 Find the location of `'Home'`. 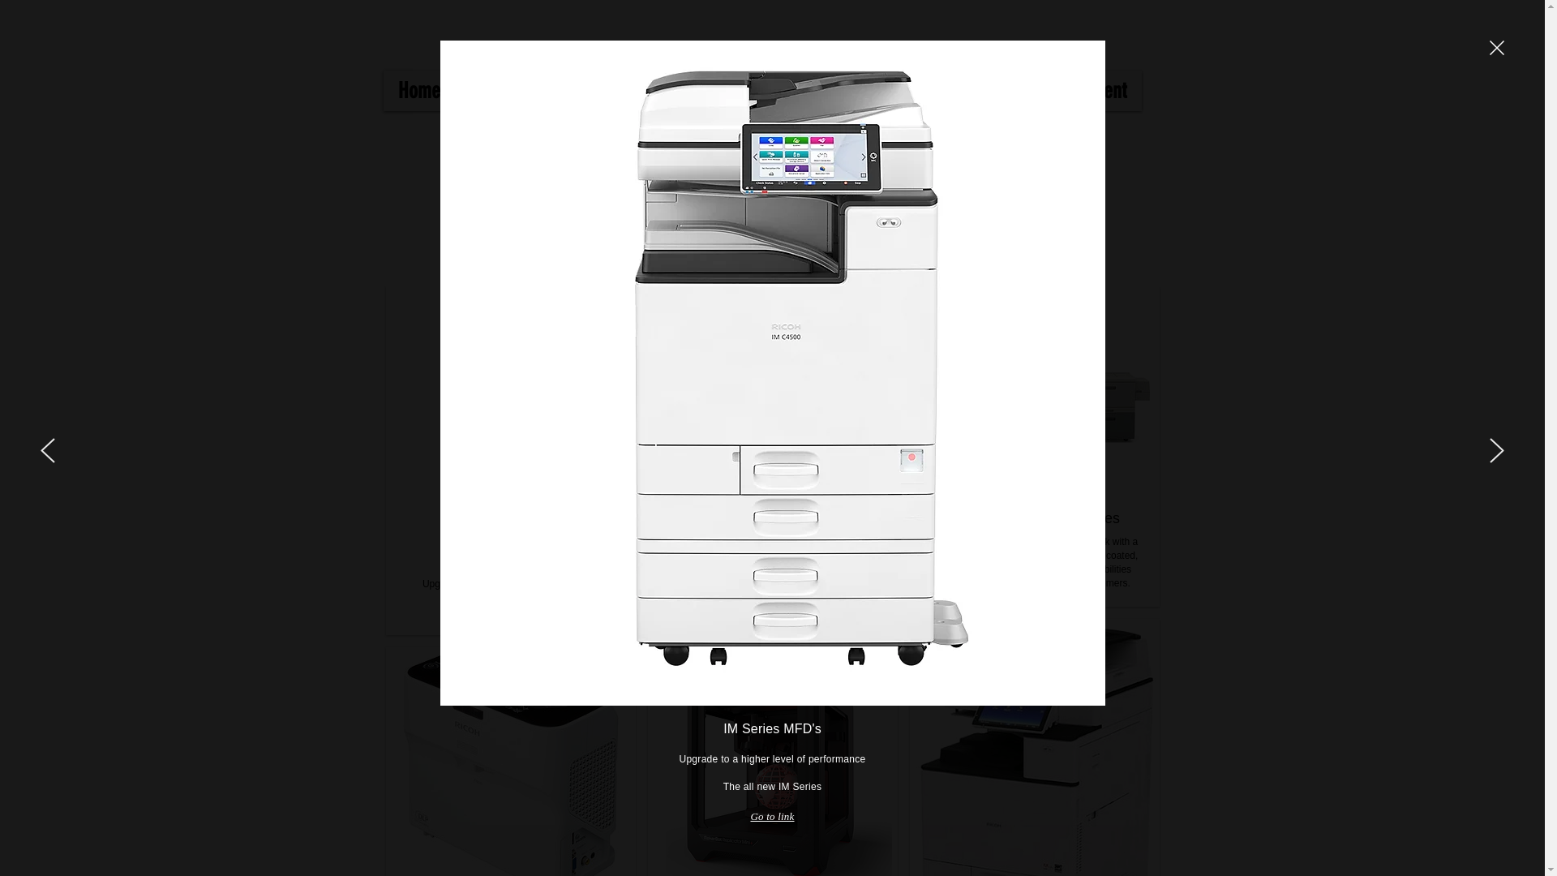

'Home' is located at coordinates (381, 90).